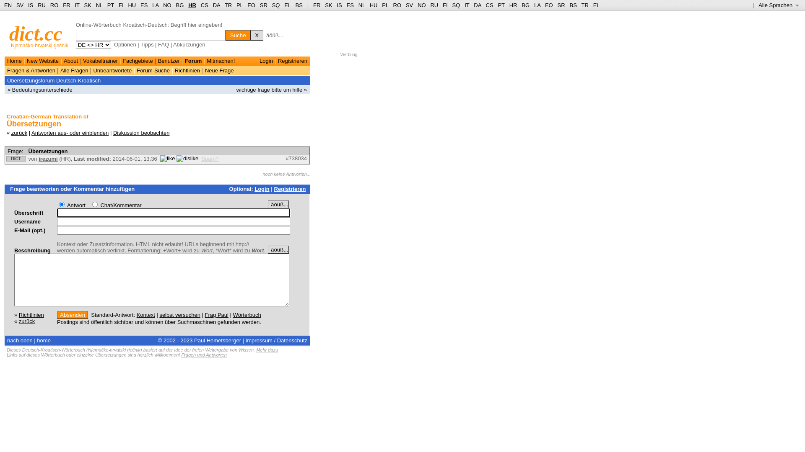 The width and height of the screenshot is (805, 452). I want to click on 'Home', so click(14, 60).